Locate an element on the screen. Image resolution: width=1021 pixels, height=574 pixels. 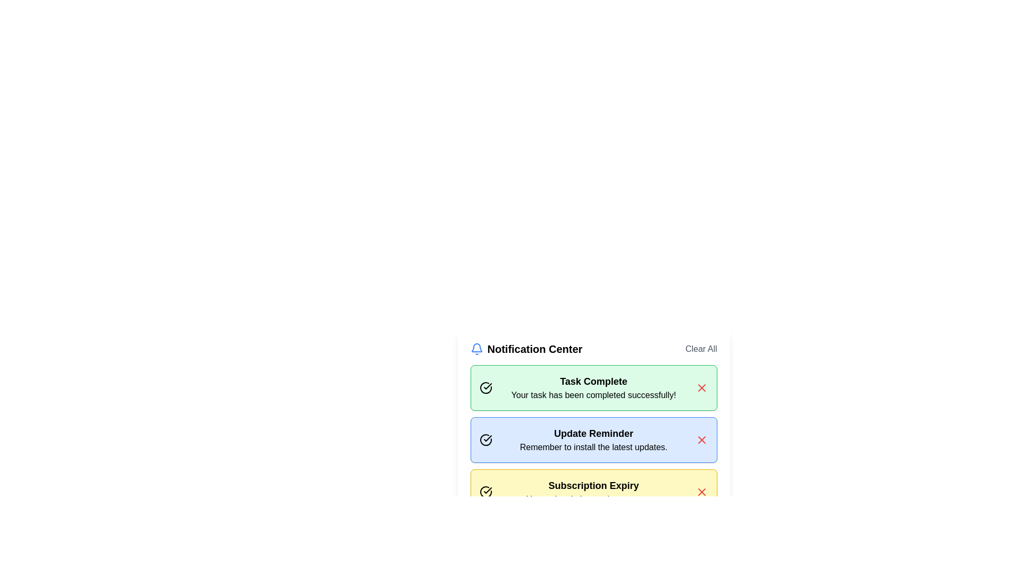
the checkmark icon within the circular outline located on the left side of the 'Task Complete' notification card is located at coordinates (487, 490).